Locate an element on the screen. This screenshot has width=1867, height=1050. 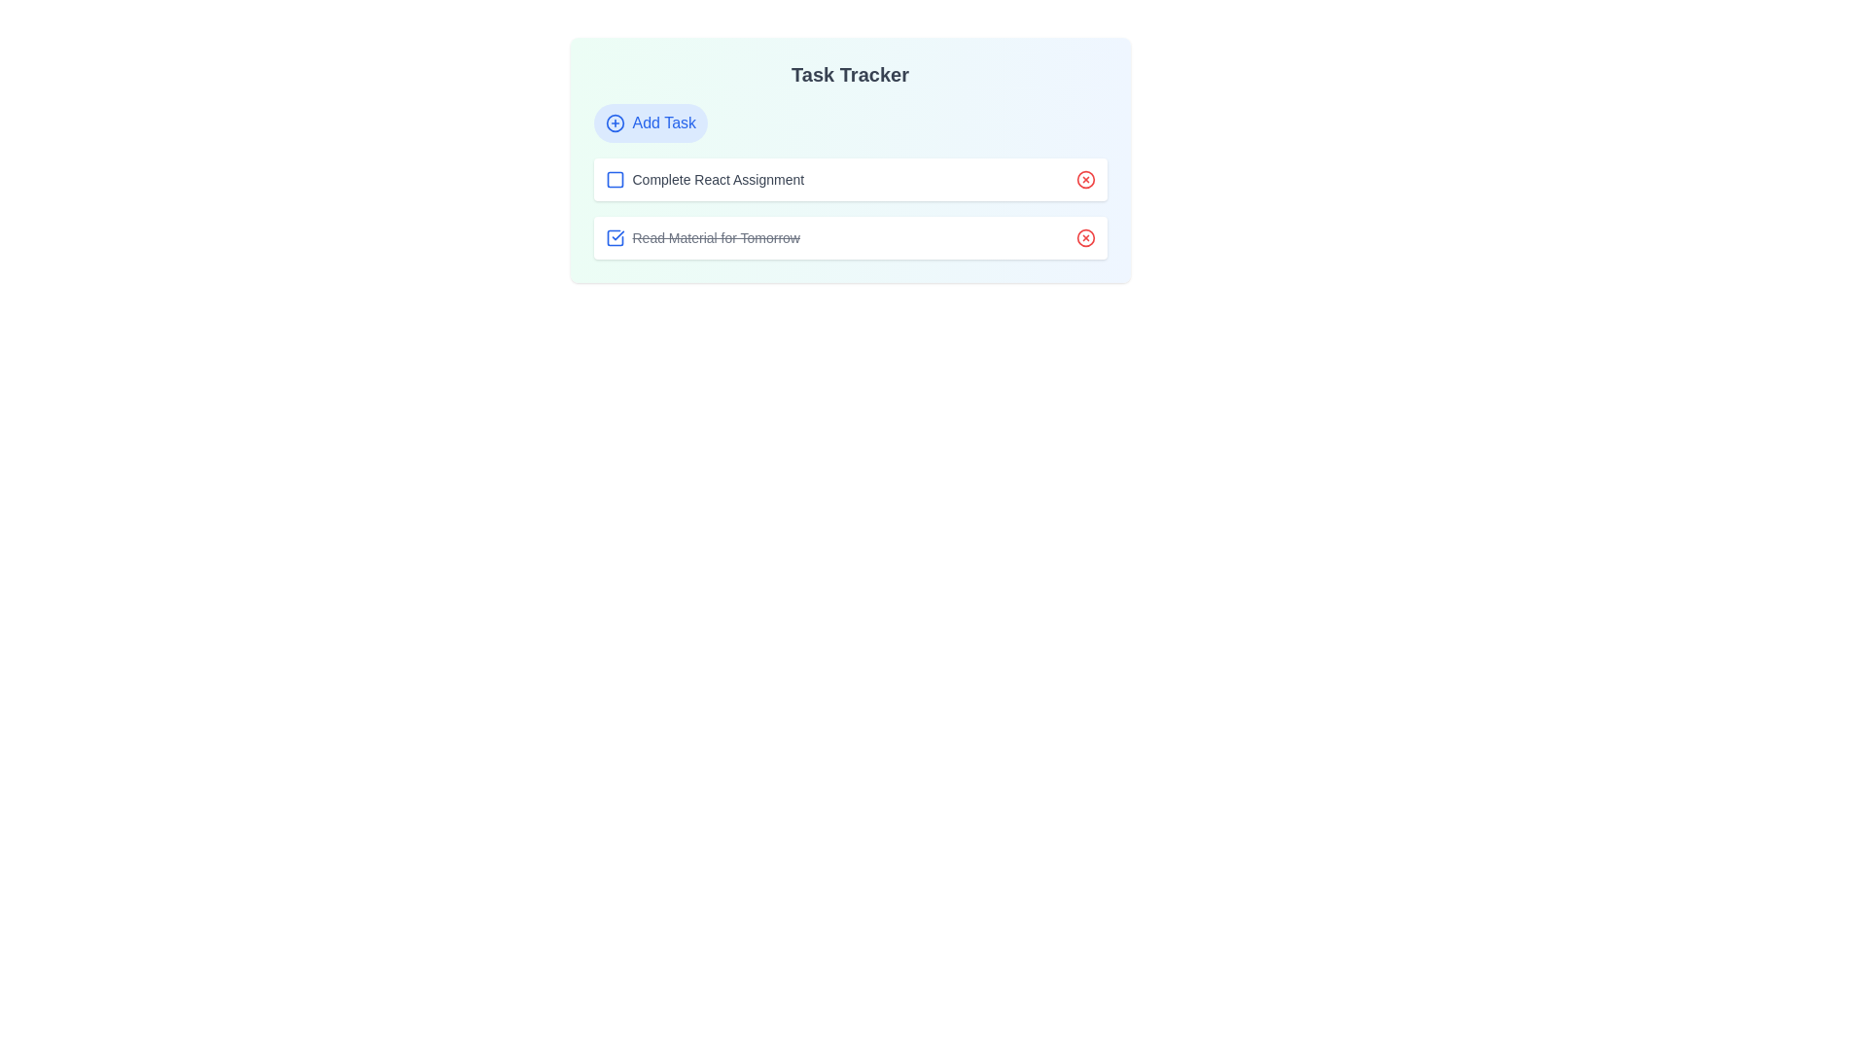
the delete button of the task with description 'Read Material for Tomorrow' is located at coordinates (1084, 237).